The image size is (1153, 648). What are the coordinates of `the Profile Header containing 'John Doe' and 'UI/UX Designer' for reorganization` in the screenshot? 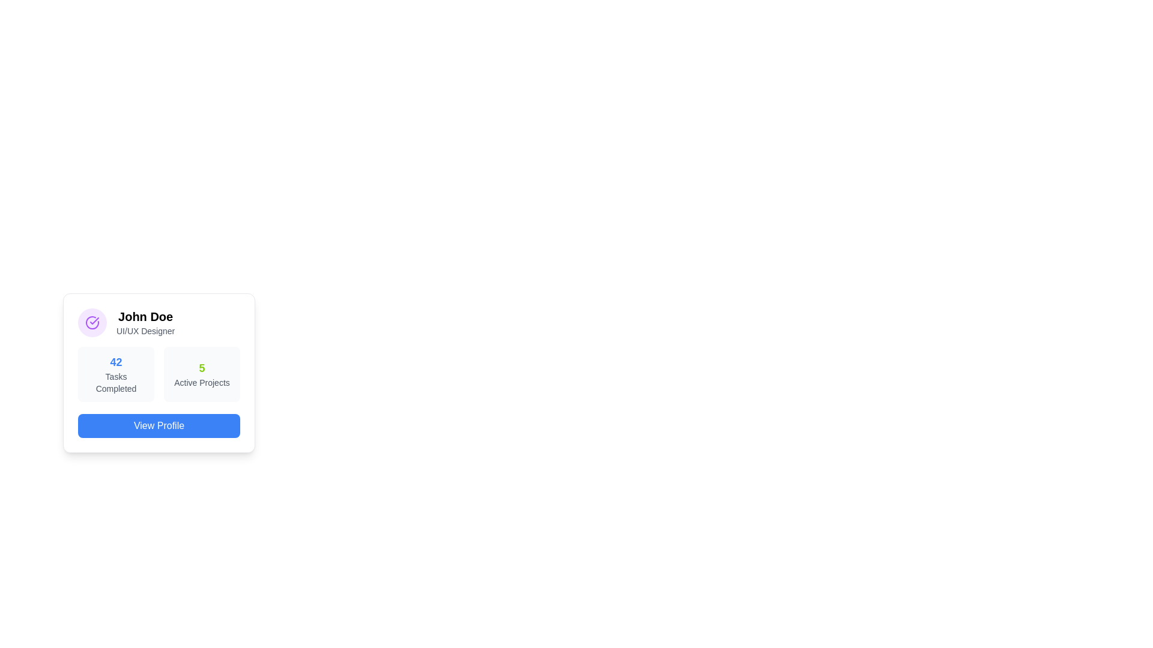 It's located at (158, 322).